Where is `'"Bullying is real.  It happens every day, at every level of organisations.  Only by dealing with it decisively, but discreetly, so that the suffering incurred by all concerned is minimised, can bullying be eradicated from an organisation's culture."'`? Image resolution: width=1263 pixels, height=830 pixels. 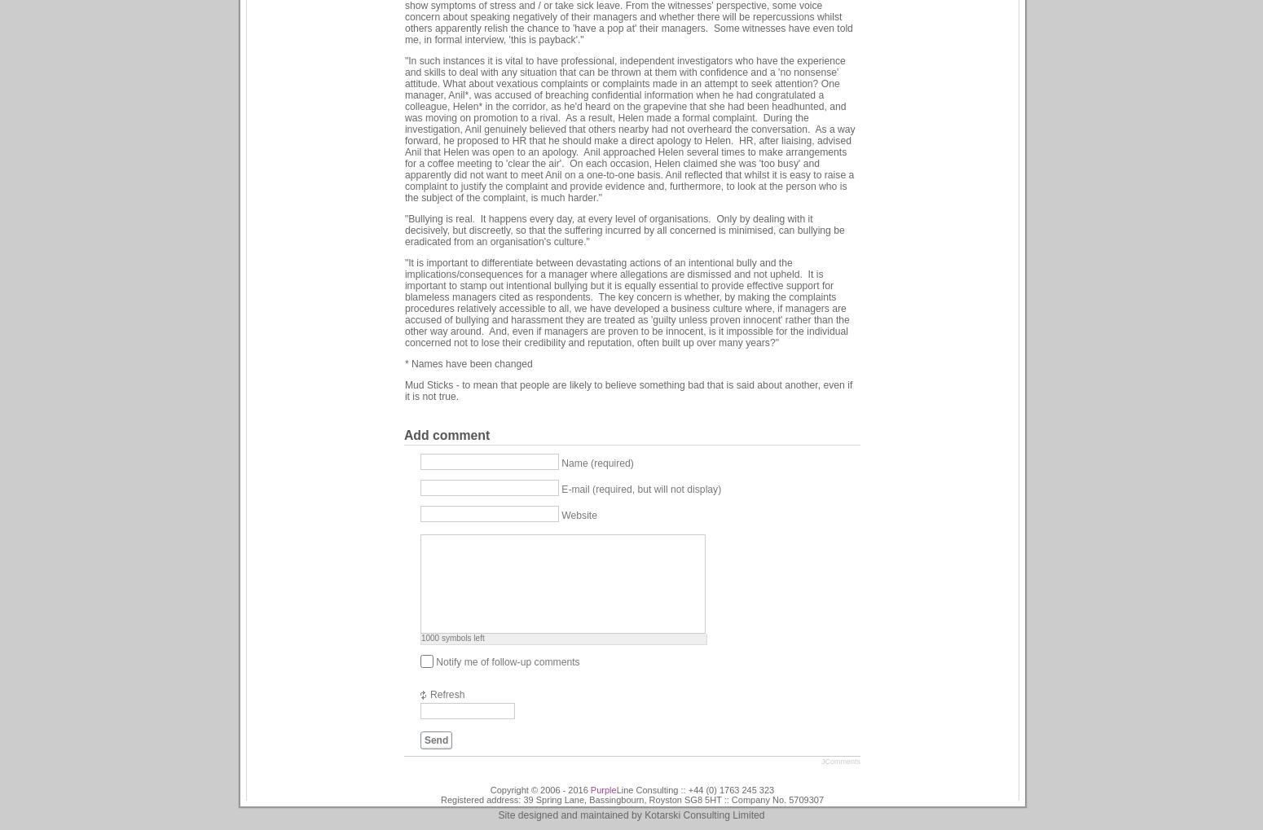 '"Bullying is real.  It happens every day, at every level of organisations.  Only by dealing with it decisively, but discreetly, so that the suffering incurred by all concerned is minimised, can bullying be eradicated from an organisation's culture."' is located at coordinates (624, 228).